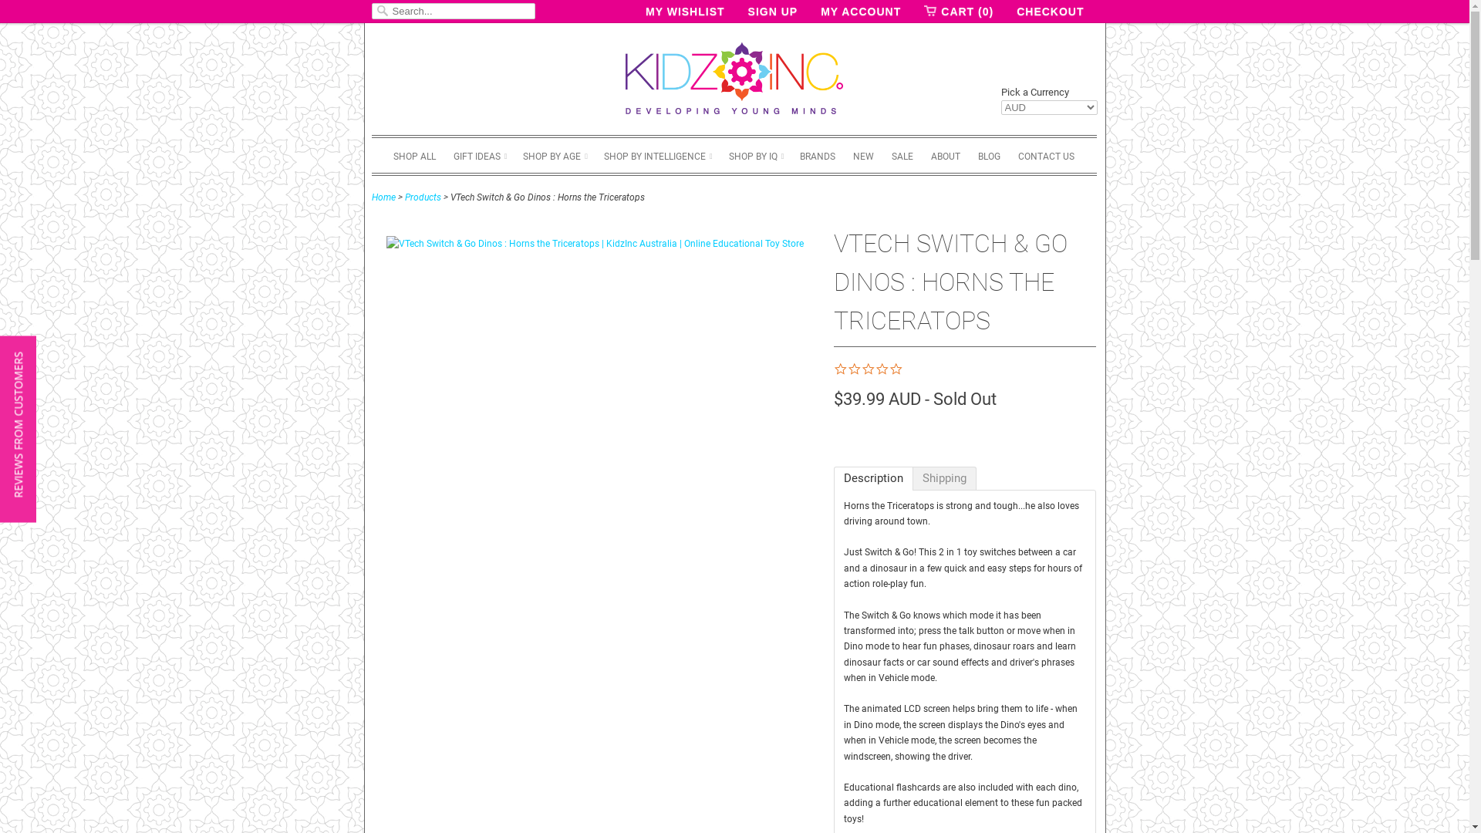 The width and height of the screenshot is (1481, 833). Describe the element at coordinates (422, 195) in the screenshot. I see `'Products'` at that location.